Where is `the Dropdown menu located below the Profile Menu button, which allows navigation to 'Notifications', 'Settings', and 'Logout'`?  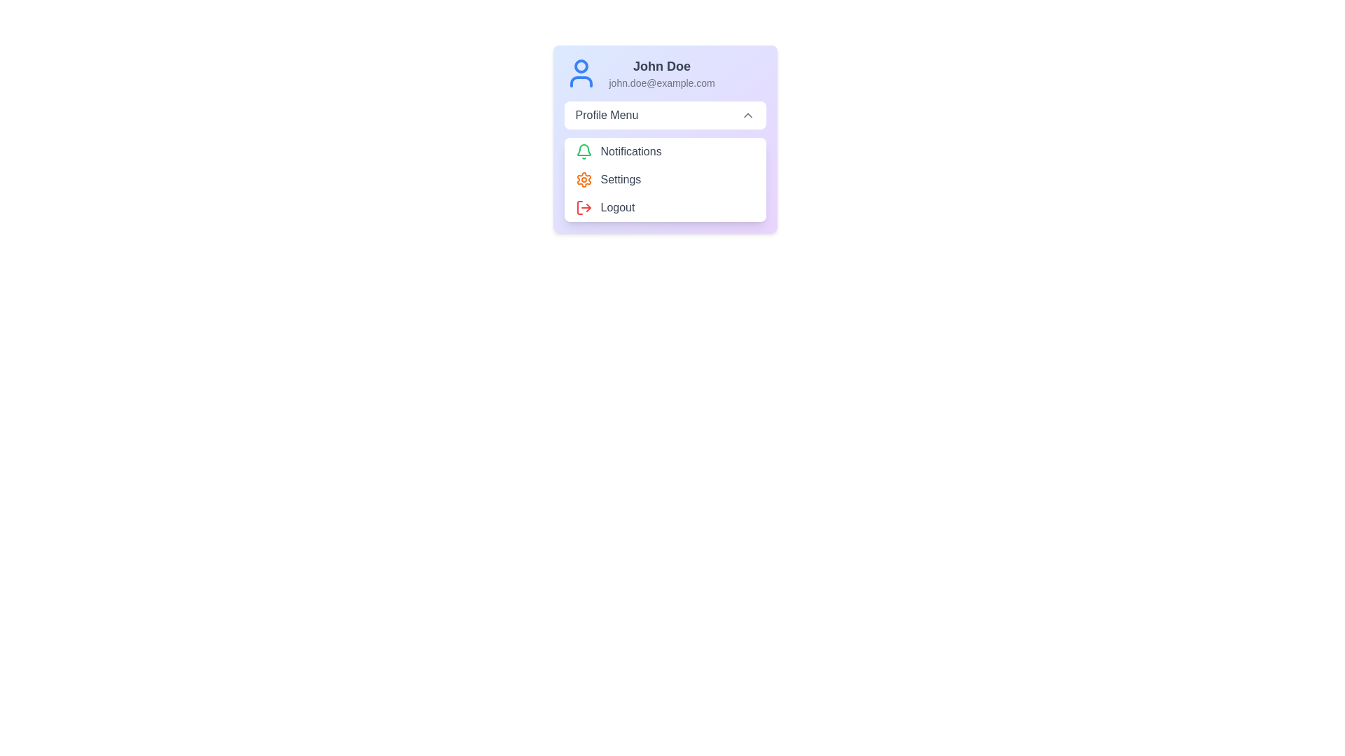
the Dropdown menu located below the Profile Menu button, which allows navigation to 'Notifications', 'Settings', and 'Logout' is located at coordinates (664, 179).